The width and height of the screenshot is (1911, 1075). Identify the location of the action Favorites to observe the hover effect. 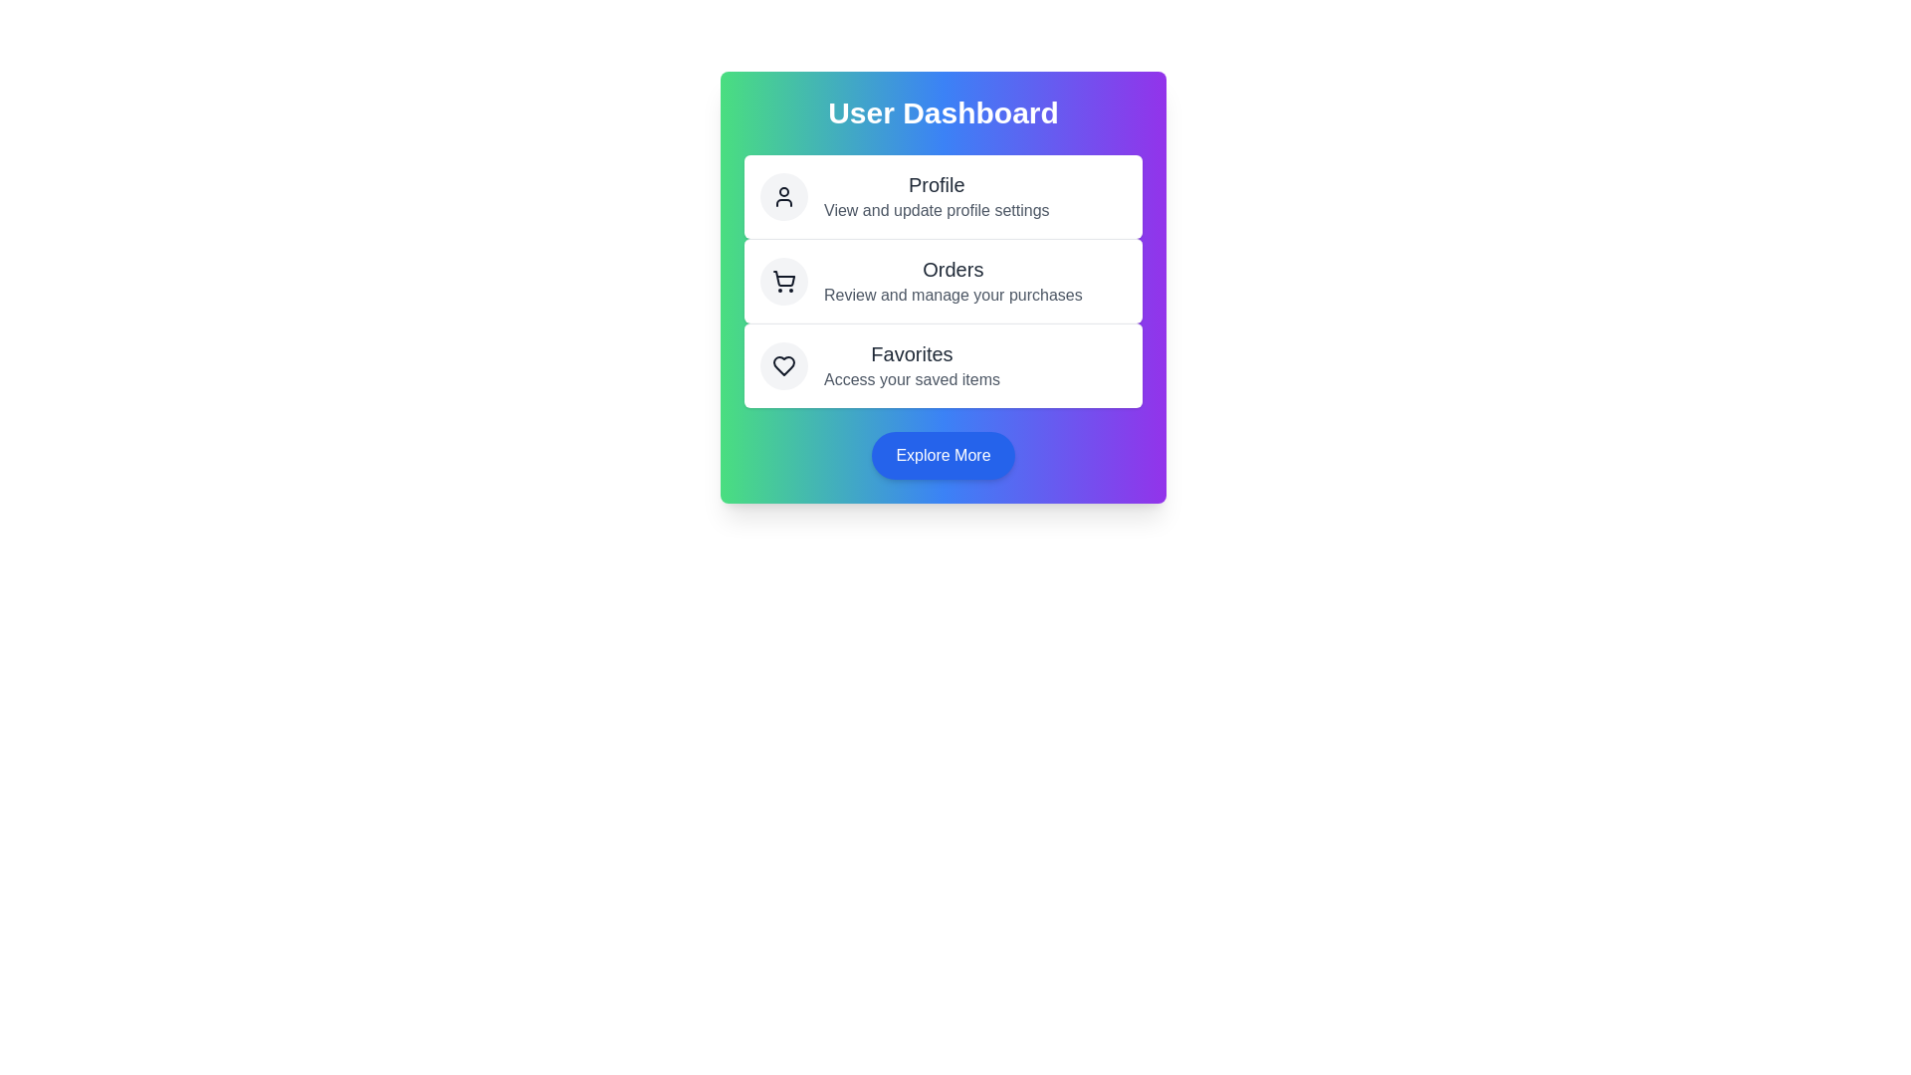
(943, 365).